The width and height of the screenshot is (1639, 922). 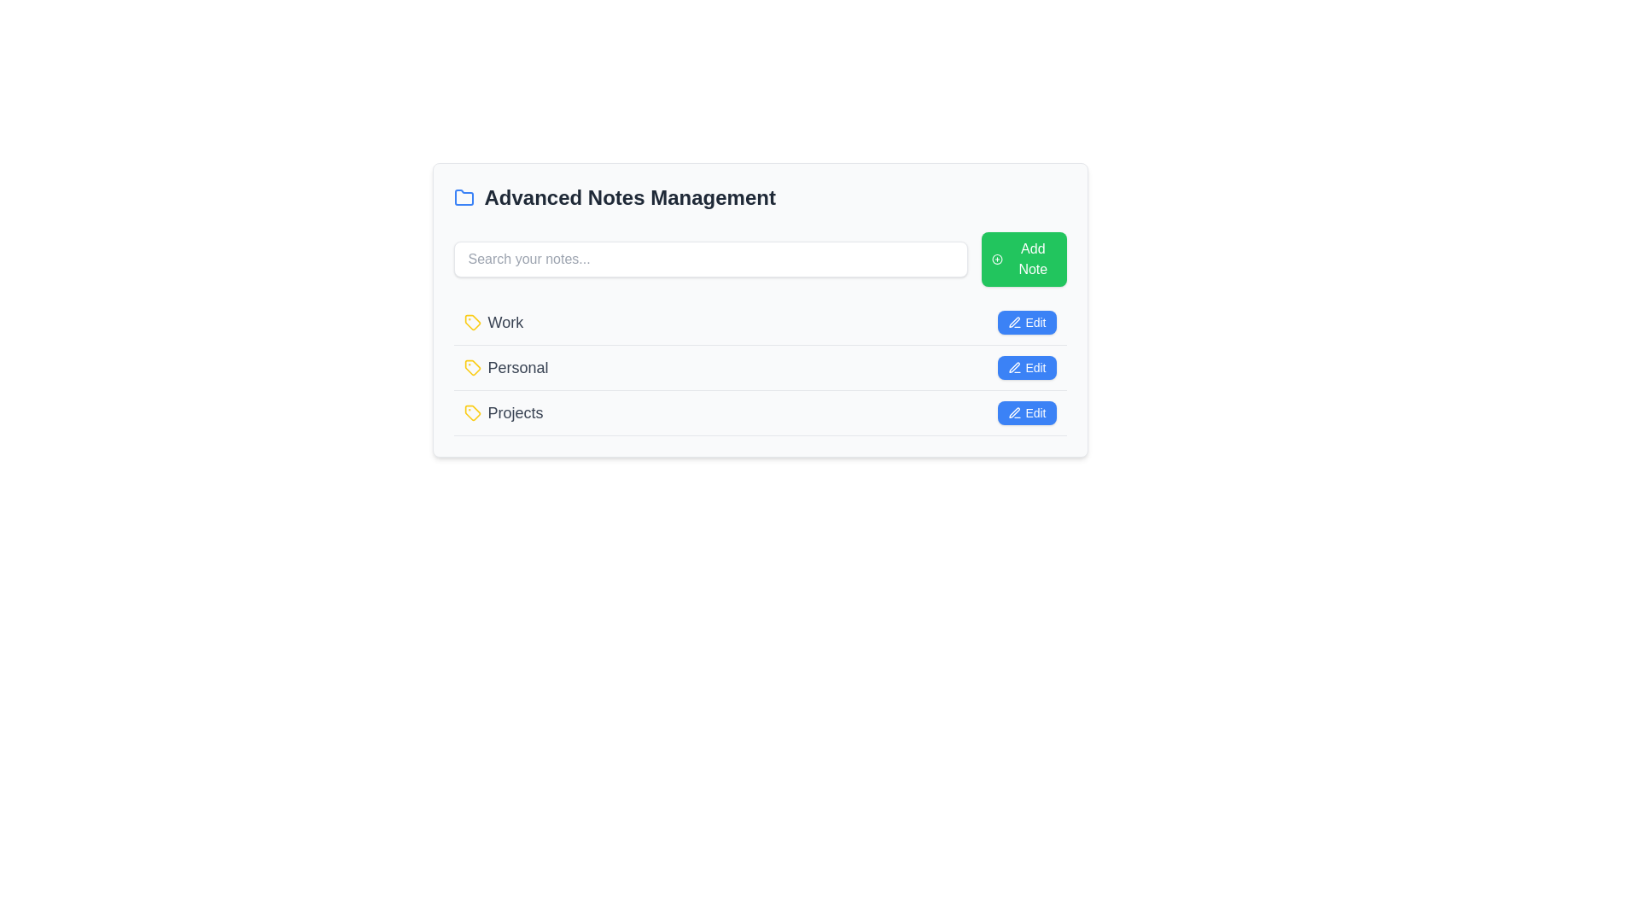 What do you see at coordinates (1026, 412) in the screenshot?
I see `the editing button located at the top right of the 'Projects' section` at bounding box center [1026, 412].